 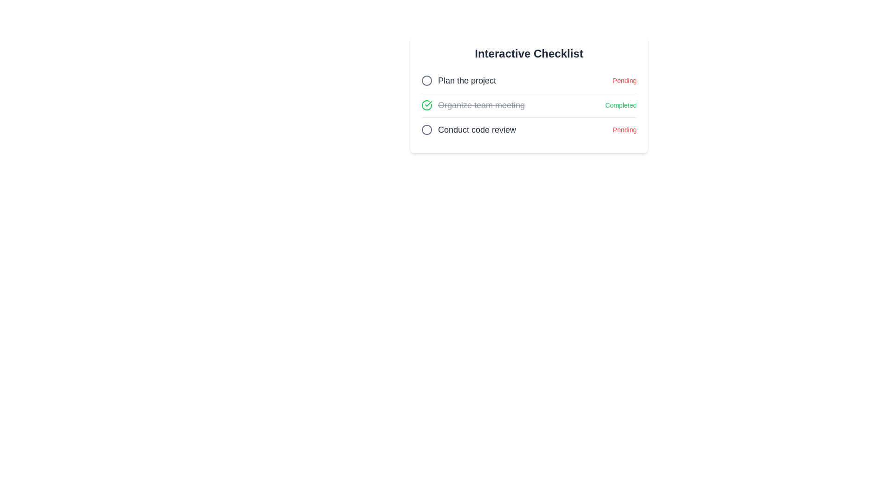 What do you see at coordinates (529, 53) in the screenshot?
I see `the text label 'Interactive Checklist' which serves as the header for the checklist interface` at bounding box center [529, 53].